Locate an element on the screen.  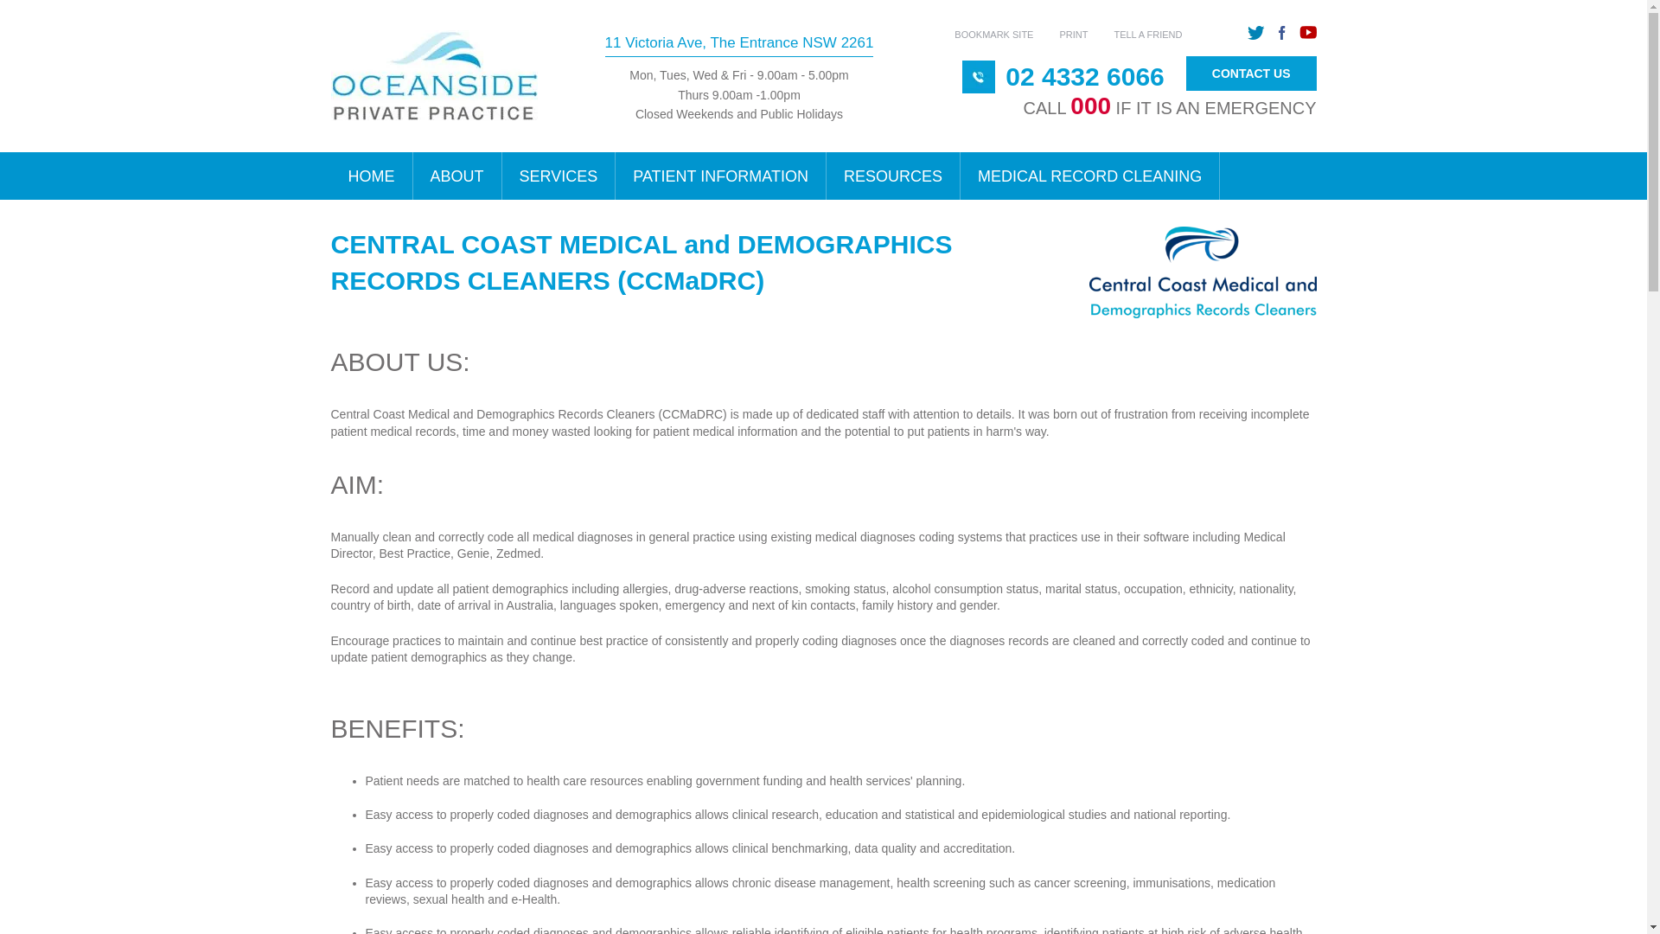
'youtube' is located at coordinates (1299, 33).